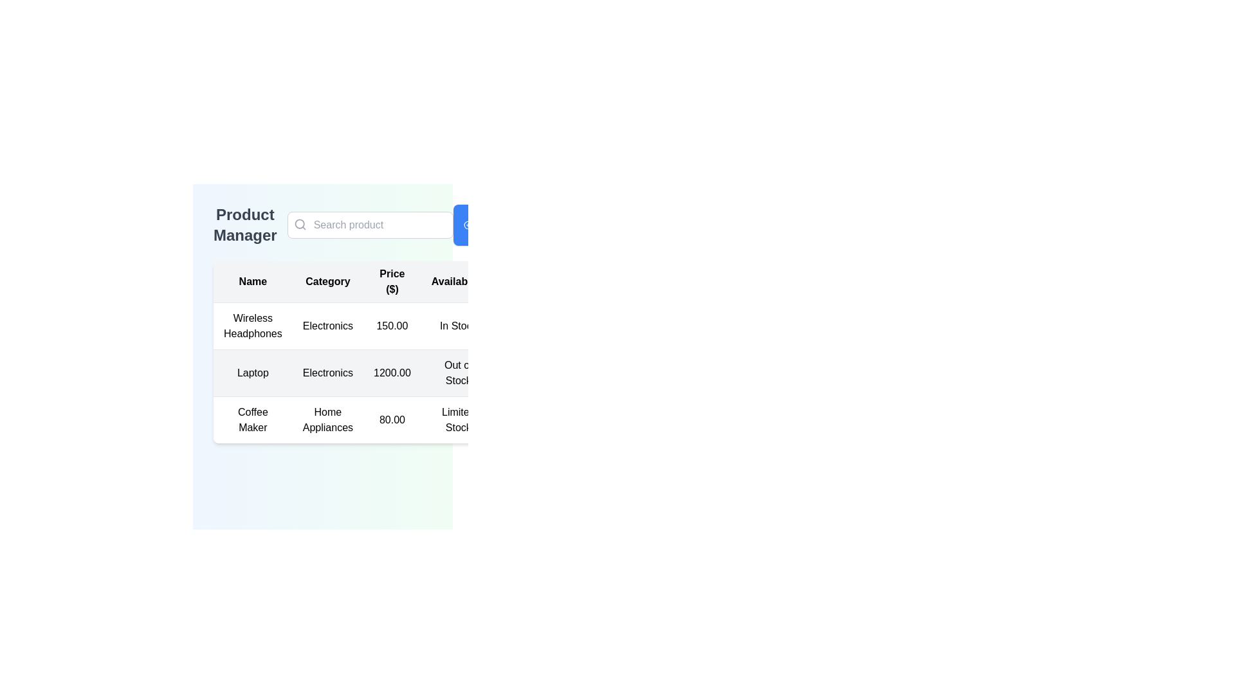 Image resolution: width=1235 pixels, height=695 pixels. Describe the element at coordinates (391, 373) in the screenshot. I see `the Text label displaying the numeric value '1200.00' in the table row for the item 'Laptop' under the column 'Price ($)'` at that location.